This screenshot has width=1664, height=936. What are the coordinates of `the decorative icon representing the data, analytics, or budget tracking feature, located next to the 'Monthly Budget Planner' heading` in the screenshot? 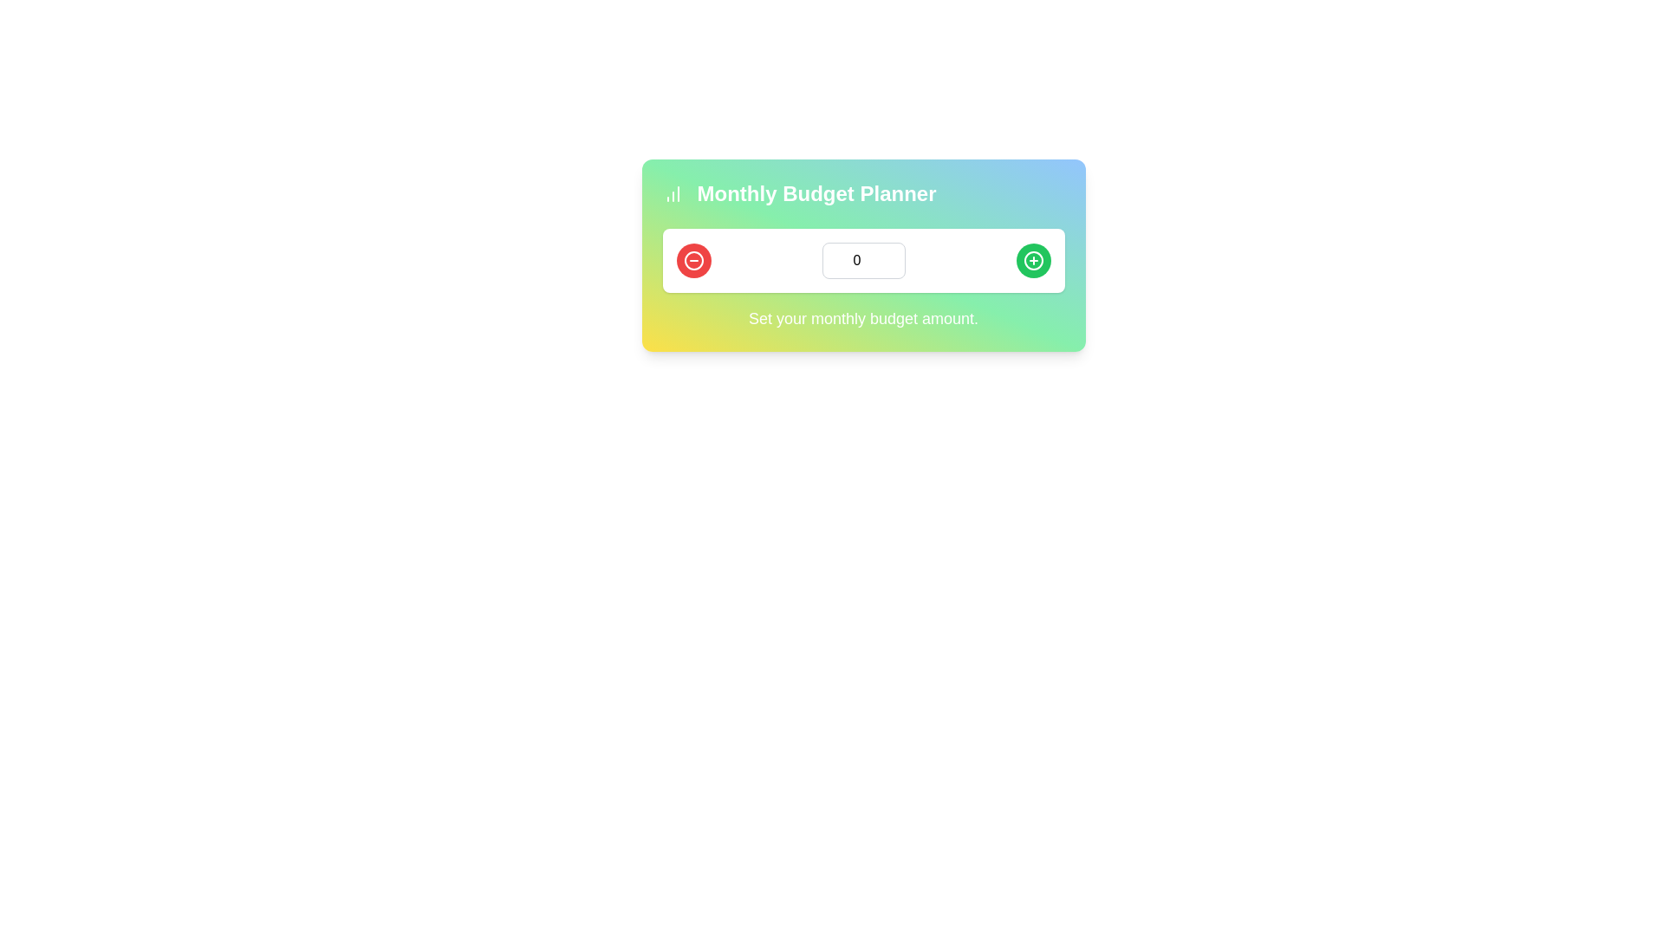 It's located at (672, 193).